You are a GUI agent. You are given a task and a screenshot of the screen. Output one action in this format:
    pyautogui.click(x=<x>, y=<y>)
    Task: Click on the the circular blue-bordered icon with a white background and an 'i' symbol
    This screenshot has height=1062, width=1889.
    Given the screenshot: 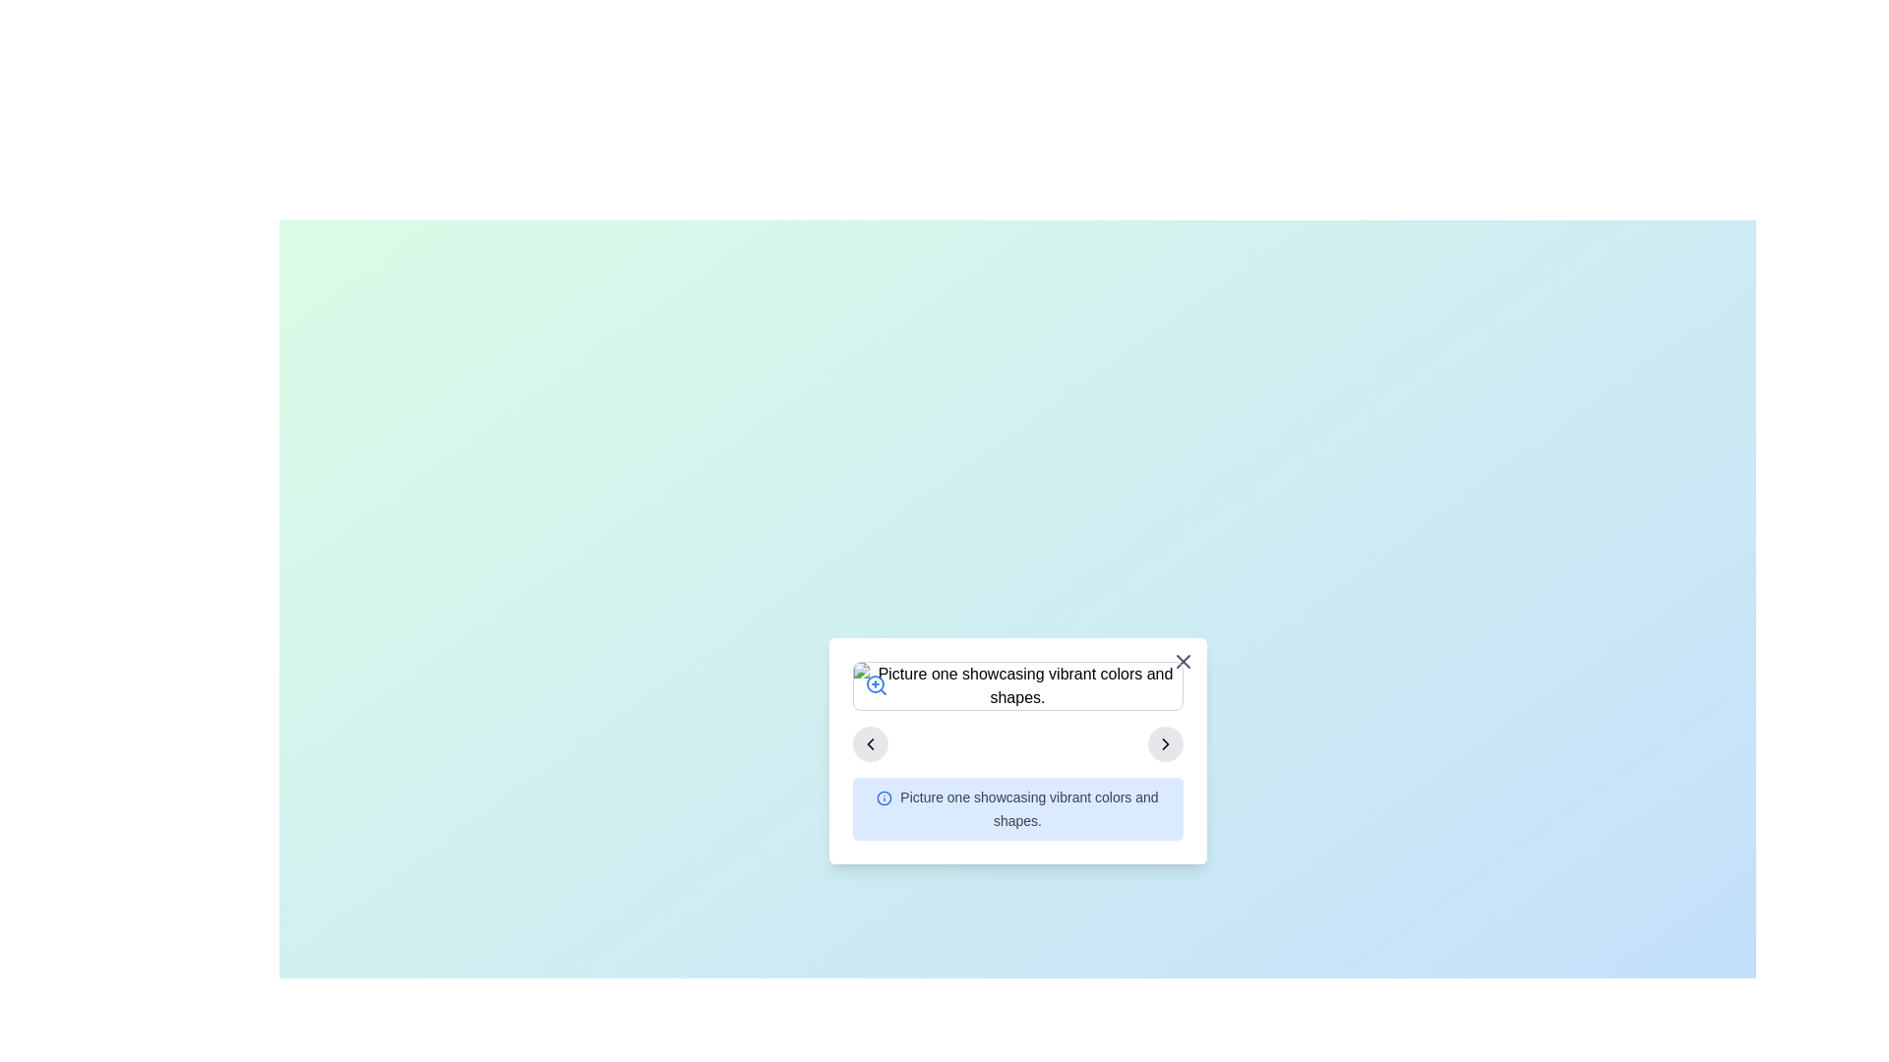 What is the action you would take?
    pyautogui.click(x=884, y=797)
    